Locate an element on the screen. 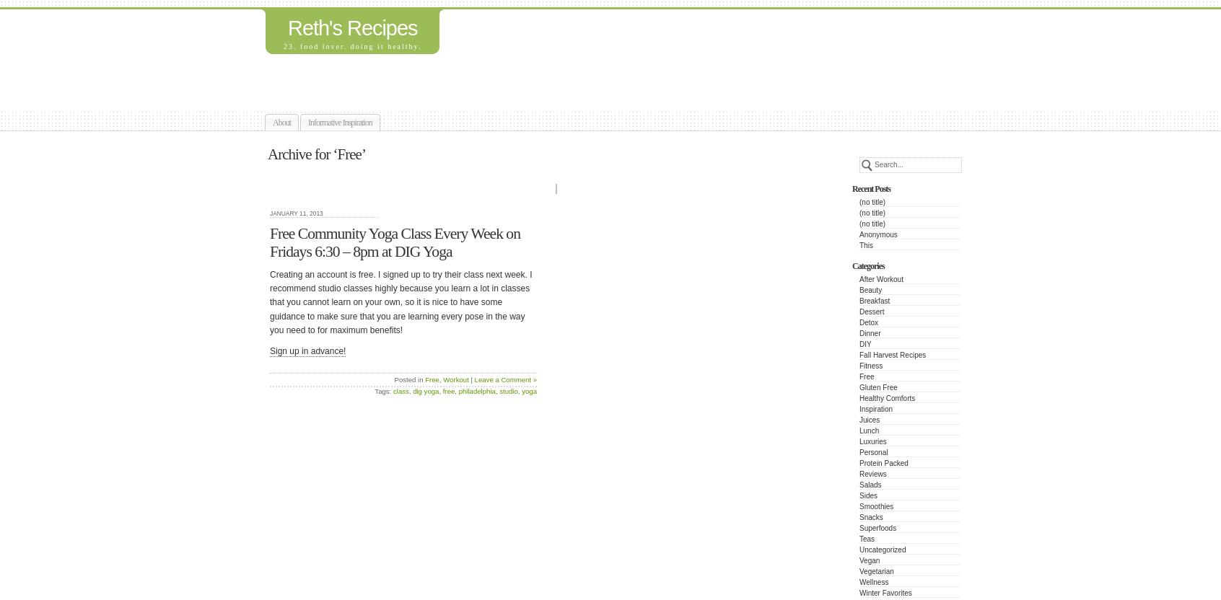 This screenshot has width=1221, height=600. 'DIY' is located at coordinates (864, 343).